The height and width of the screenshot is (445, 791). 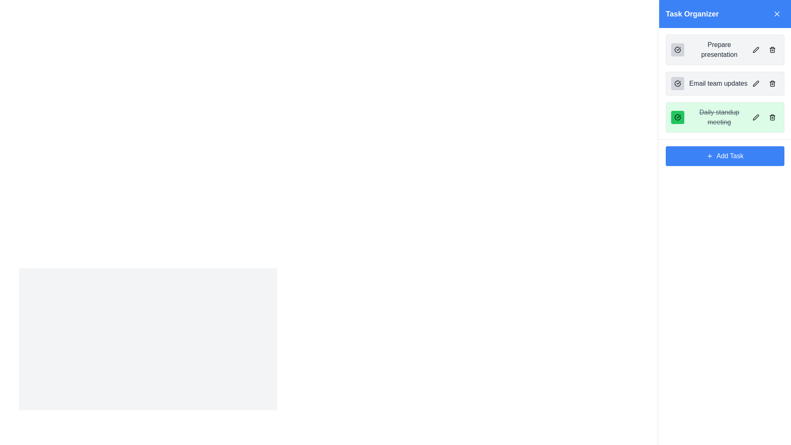 What do you see at coordinates (678, 49) in the screenshot?
I see `the circular checkbox-like button with a checkmark, located to the left of the 'Prepare presentation' text in the task organizer interface` at bounding box center [678, 49].